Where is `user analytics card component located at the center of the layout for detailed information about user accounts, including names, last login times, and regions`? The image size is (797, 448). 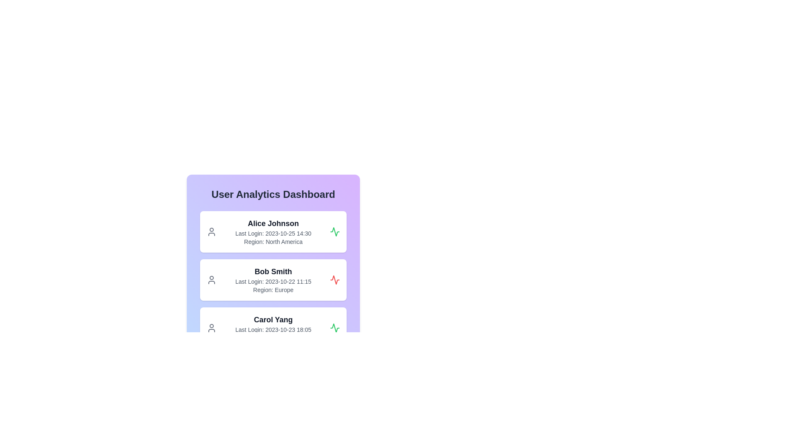
user analytics card component located at the center of the layout for detailed information about user accounts, including names, last login times, and regions is located at coordinates (273, 268).